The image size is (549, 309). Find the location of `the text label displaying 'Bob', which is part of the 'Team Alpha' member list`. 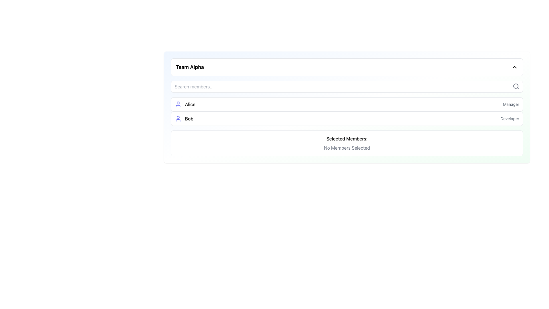

the text label displaying 'Bob', which is part of the 'Team Alpha' member list is located at coordinates (189, 118).